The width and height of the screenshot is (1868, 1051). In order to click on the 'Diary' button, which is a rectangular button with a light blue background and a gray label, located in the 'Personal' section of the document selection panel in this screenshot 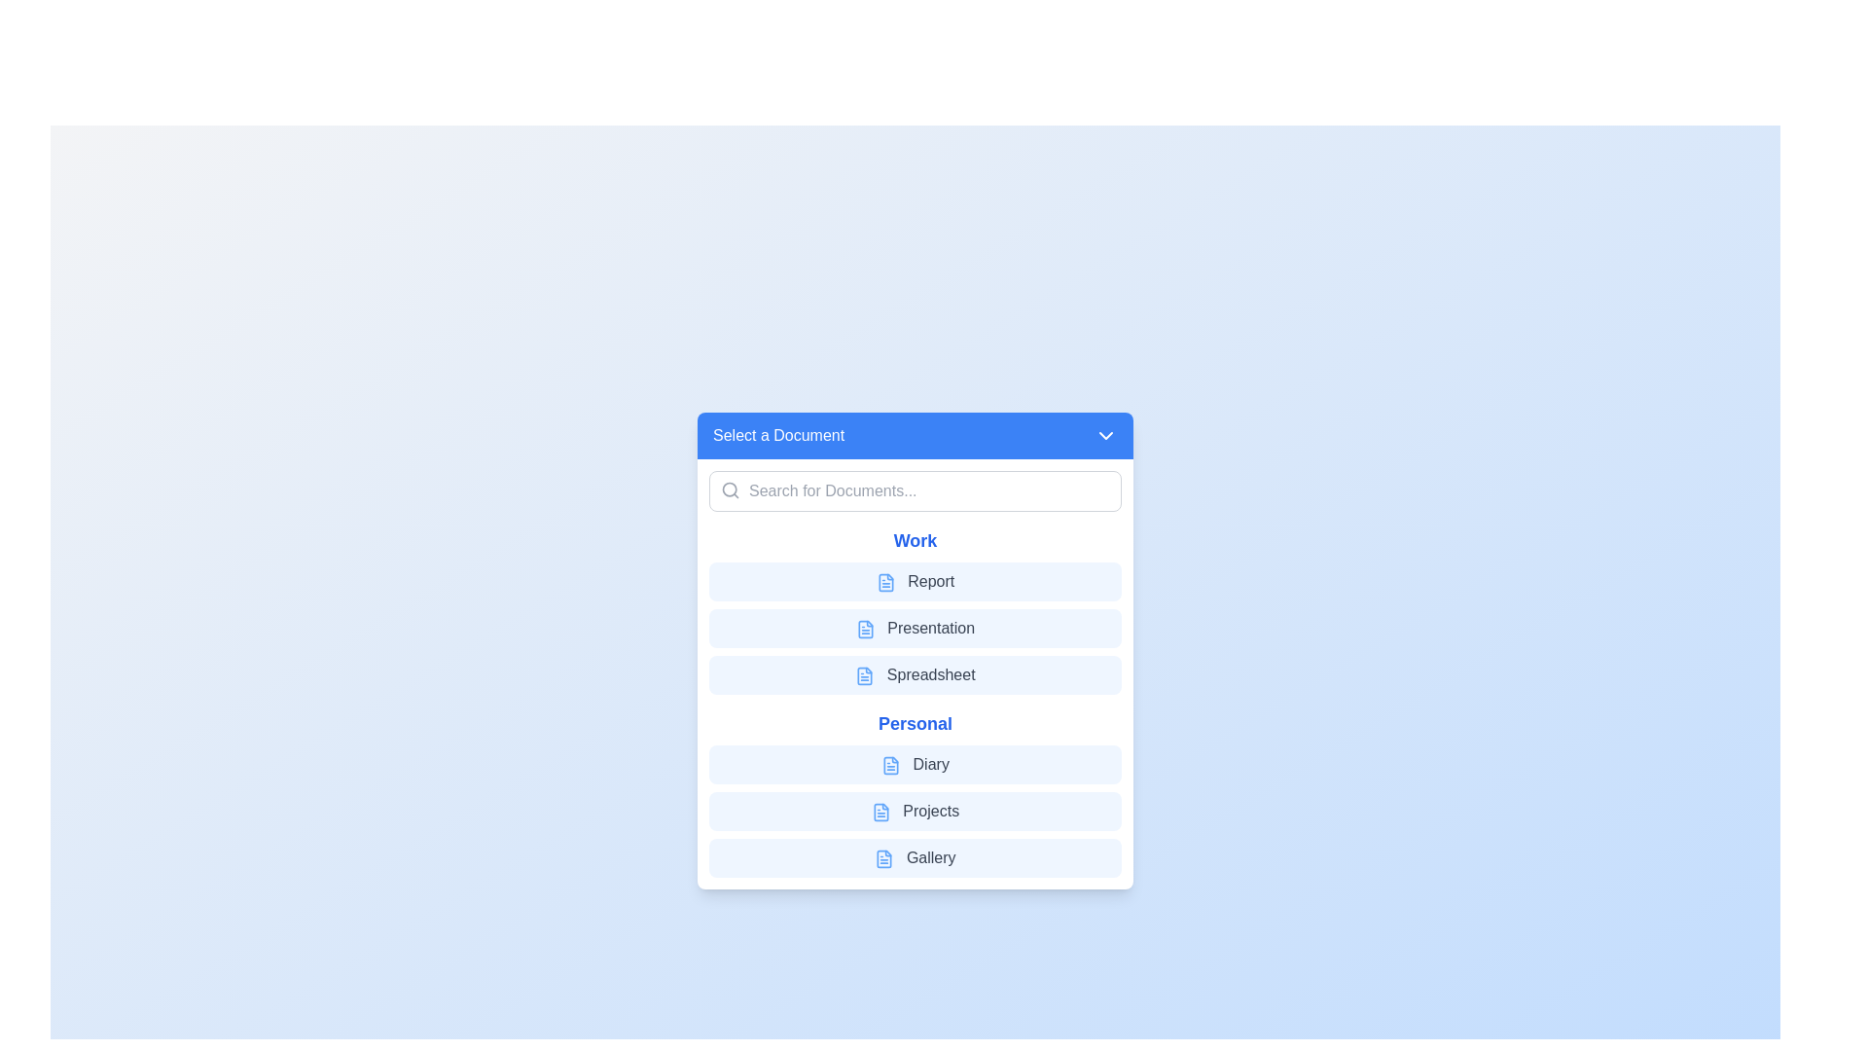, I will do `click(914, 764)`.